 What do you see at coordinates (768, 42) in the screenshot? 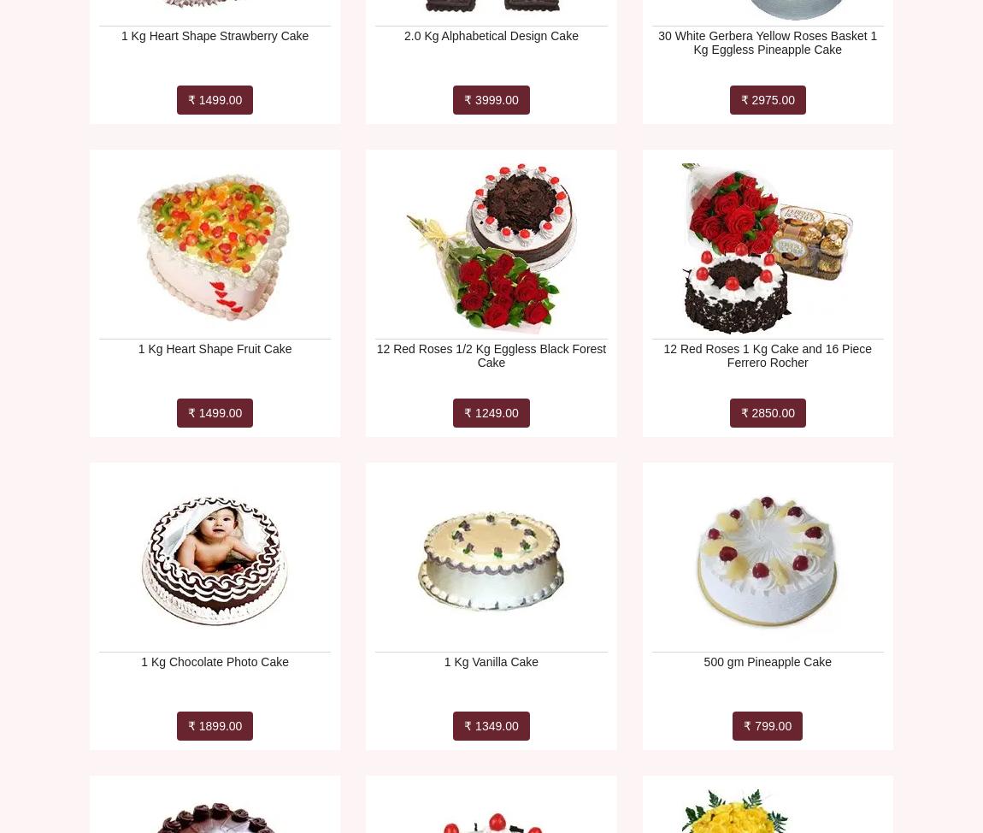
I see `'30 White Gerbera Yellow Roses Basket 1 Kg Eggless Pineapple Cake'` at bounding box center [768, 42].